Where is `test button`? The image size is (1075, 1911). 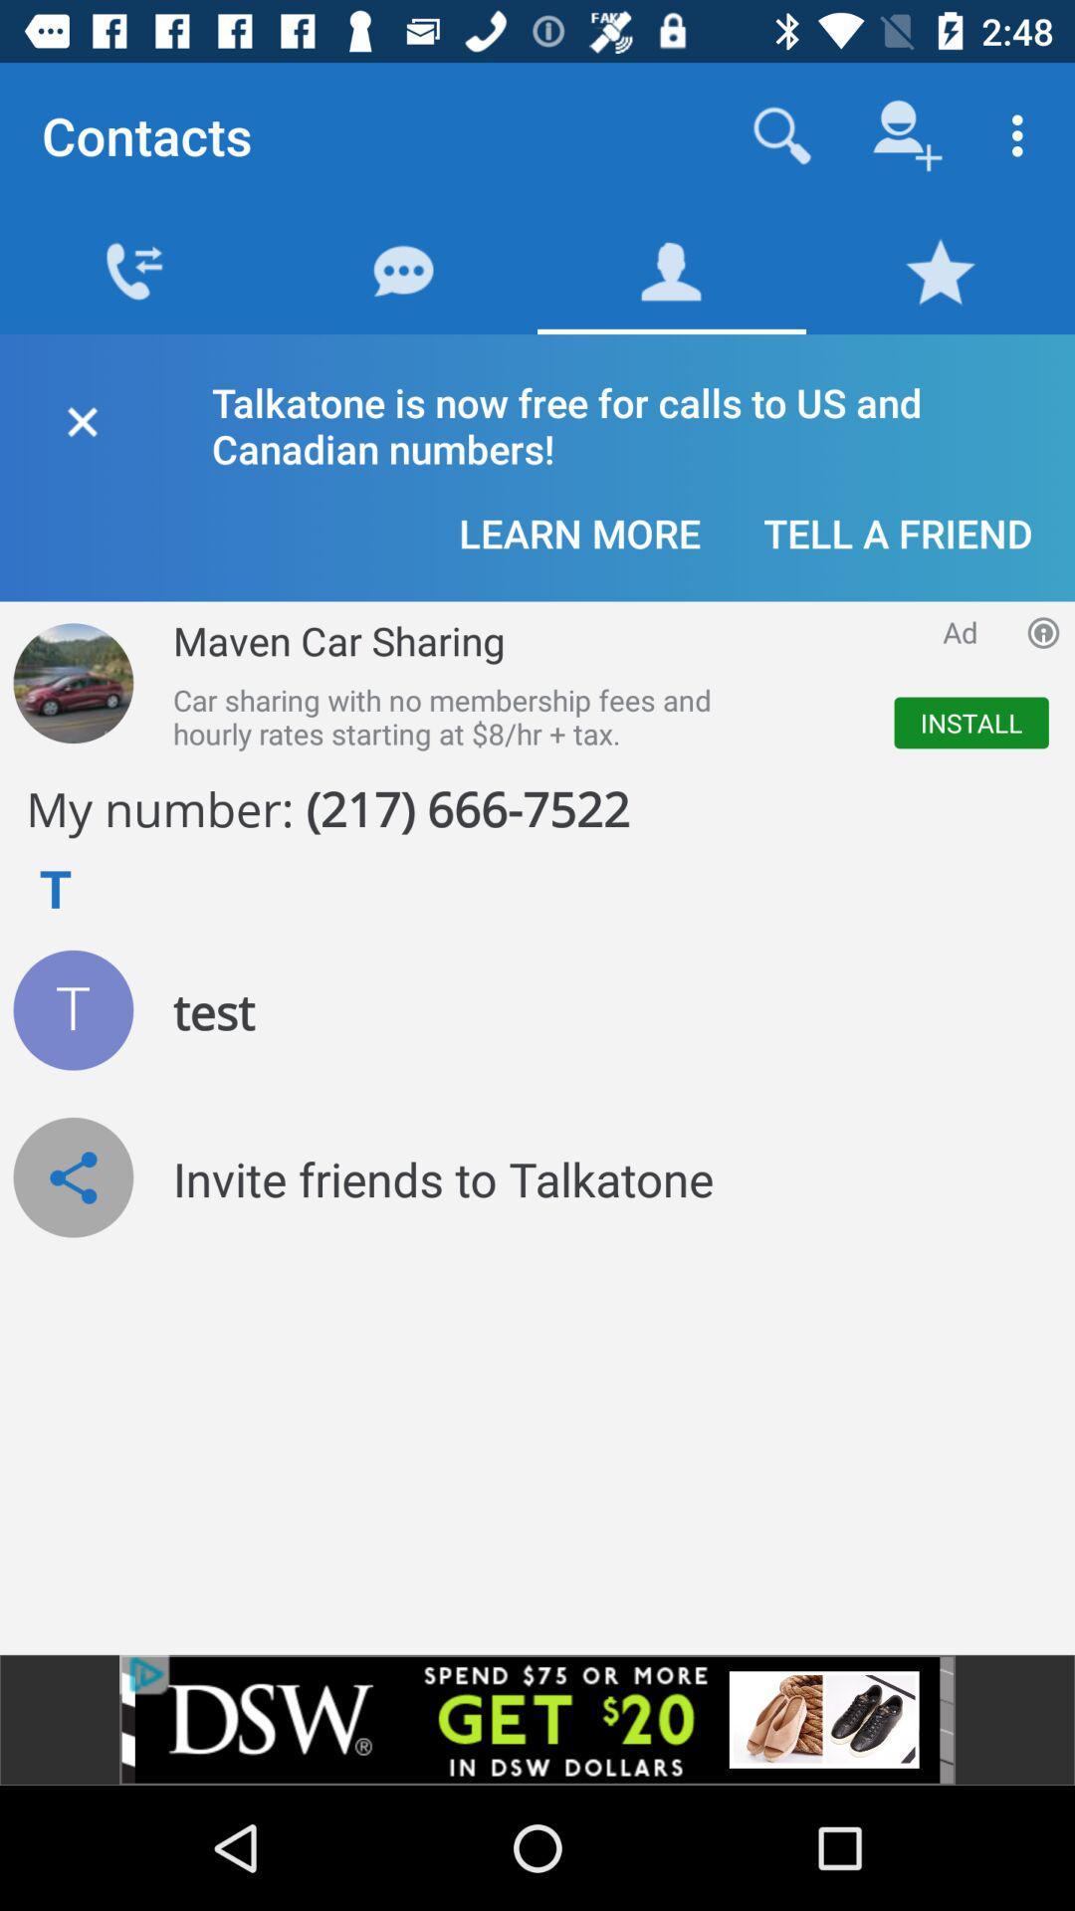 test button is located at coordinates (72, 1010).